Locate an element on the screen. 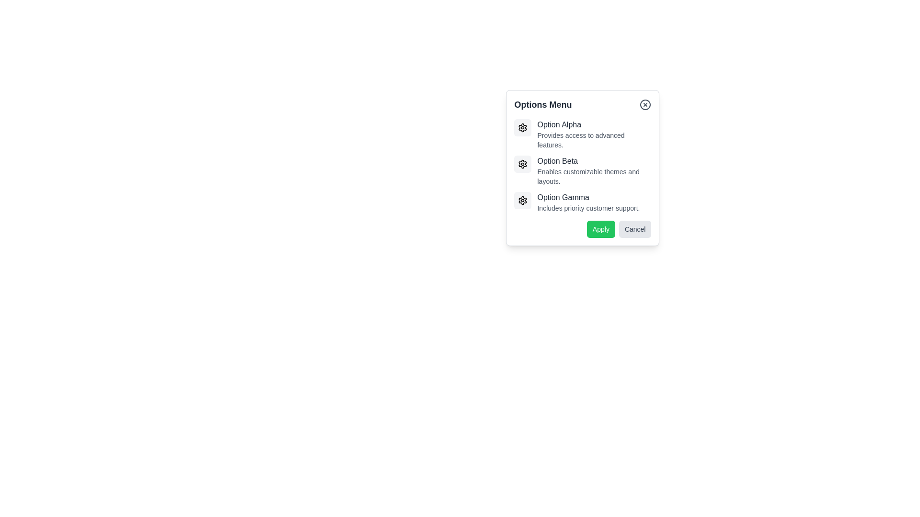  the option in the dropdown menu located below the 'Configure Options' button in the upper-right quadrant is located at coordinates (582, 168).